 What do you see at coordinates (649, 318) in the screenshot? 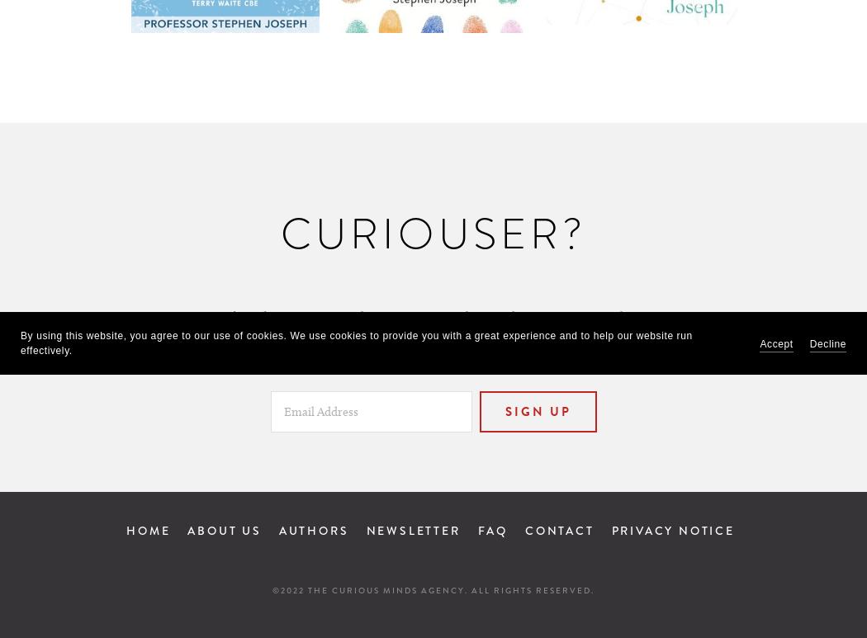
I see `'.'` at bounding box center [649, 318].